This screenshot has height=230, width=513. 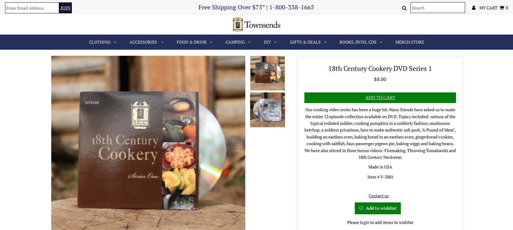 I want to click on '0', so click(x=505, y=7).